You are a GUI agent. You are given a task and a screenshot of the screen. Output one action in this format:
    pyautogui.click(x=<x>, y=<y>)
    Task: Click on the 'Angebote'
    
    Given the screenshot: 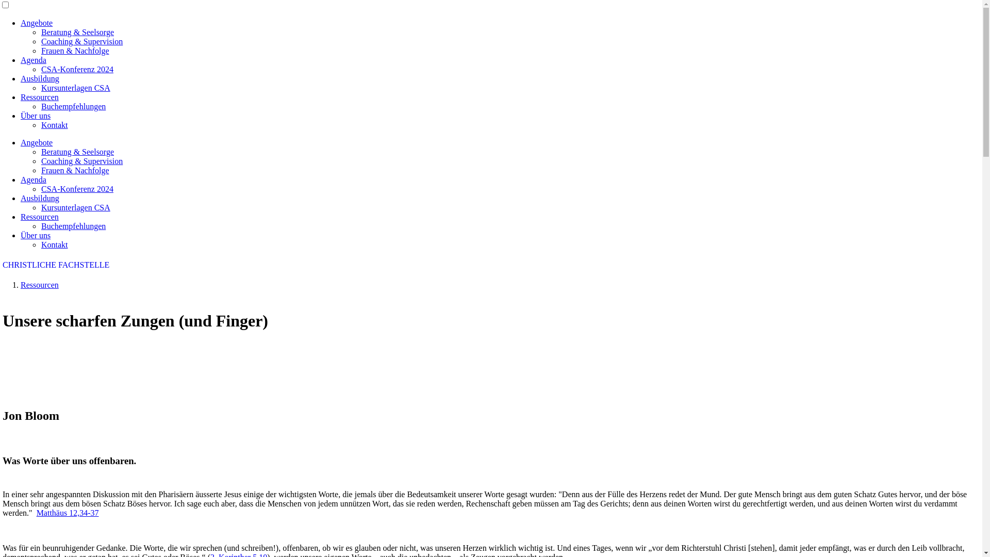 What is the action you would take?
    pyautogui.click(x=37, y=142)
    